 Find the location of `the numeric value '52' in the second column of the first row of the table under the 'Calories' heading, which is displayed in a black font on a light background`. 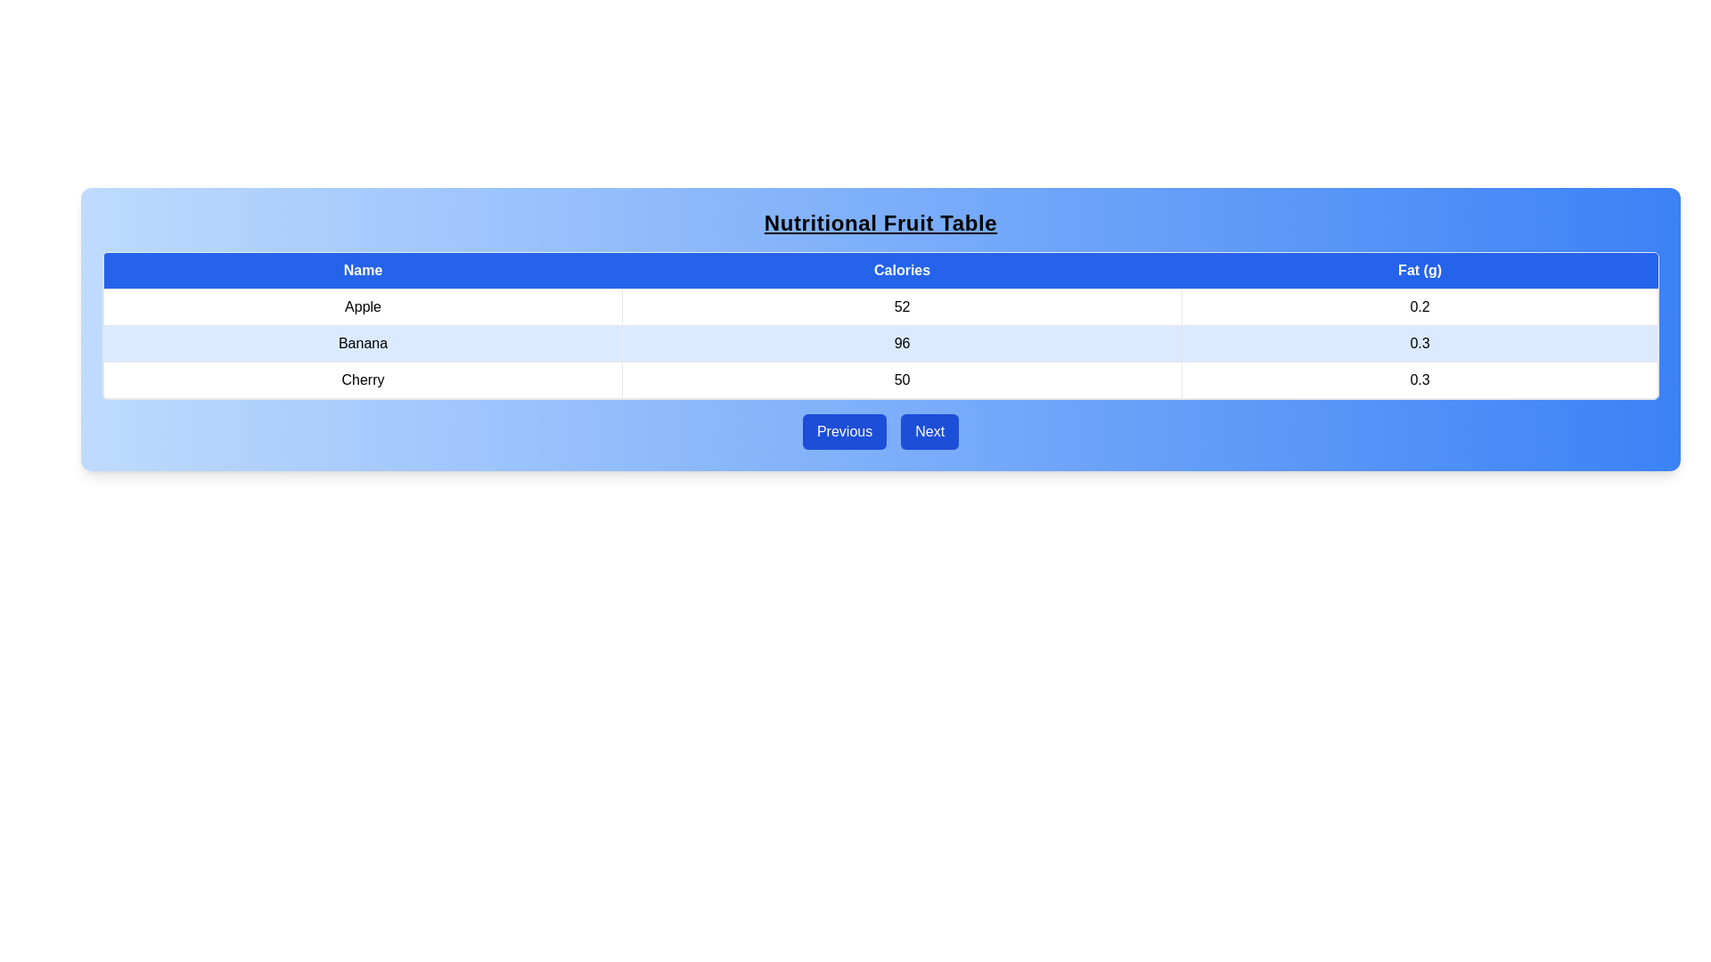

the numeric value '52' in the second column of the first row of the table under the 'Calories' heading, which is displayed in a black font on a light background is located at coordinates (902, 306).